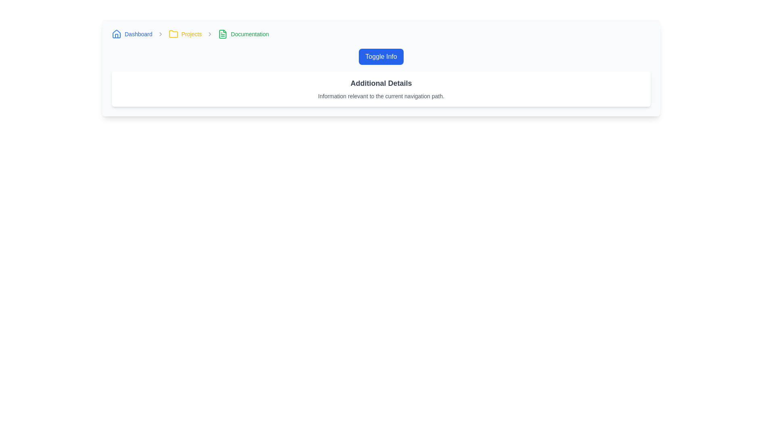 The width and height of the screenshot is (775, 435). What do you see at coordinates (223, 33) in the screenshot?
I see `the green rectangular icon resembling a document in the breadcrumb navigation bar, which is located fourth in the sequence following the yellow folder icon` at bounding box center [223, 33].